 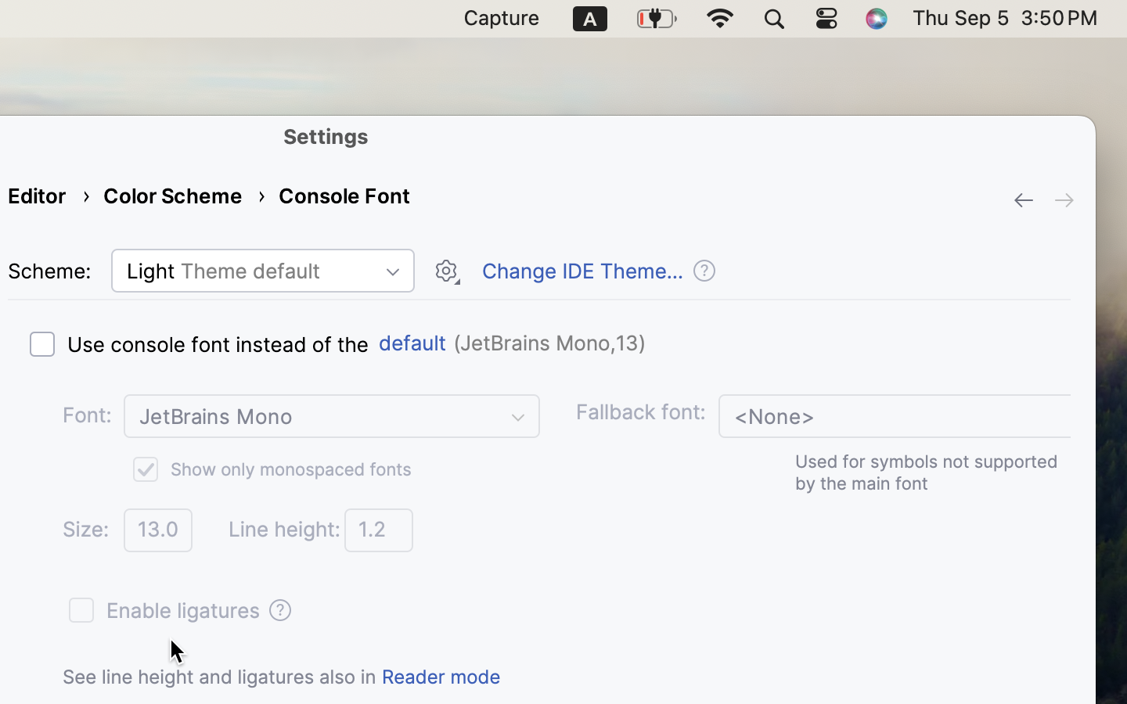 I want to click on 'See line height and ligatures also in Reader mode', so click(x=282, y=676).